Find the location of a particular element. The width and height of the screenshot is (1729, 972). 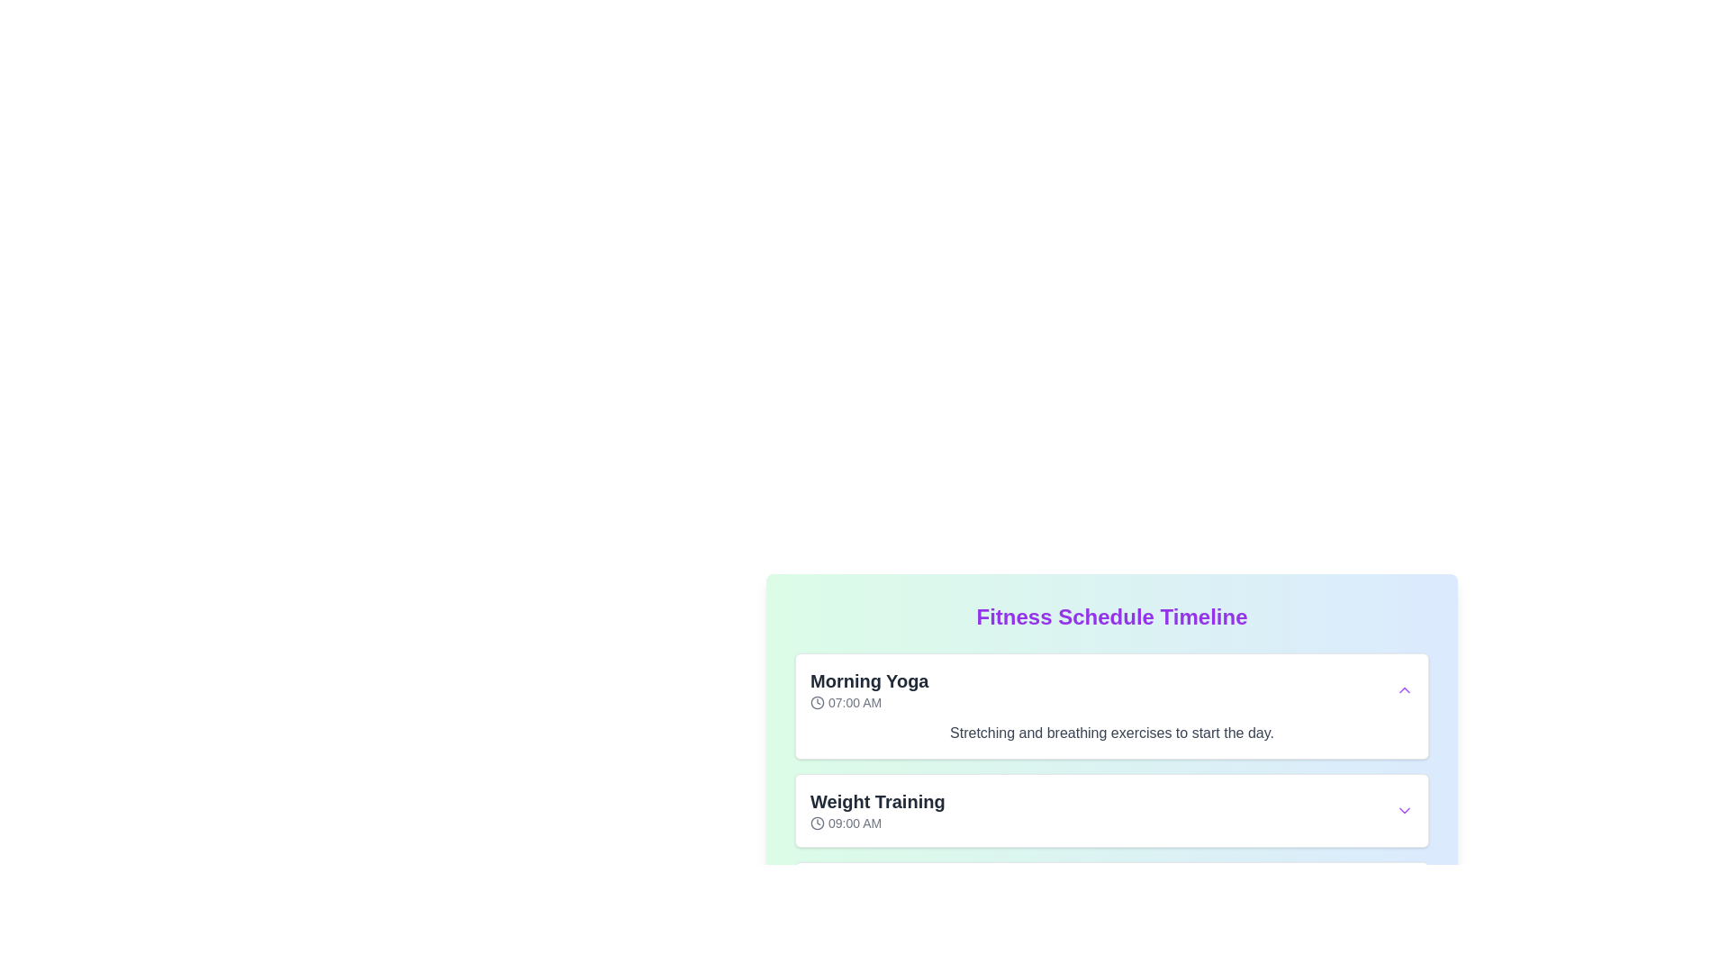

the Text Label displaying '07:00 AM' which is located below the title 'Morning Yoga' and is accompanied by a clock icon is located at coordinates (869, 701).